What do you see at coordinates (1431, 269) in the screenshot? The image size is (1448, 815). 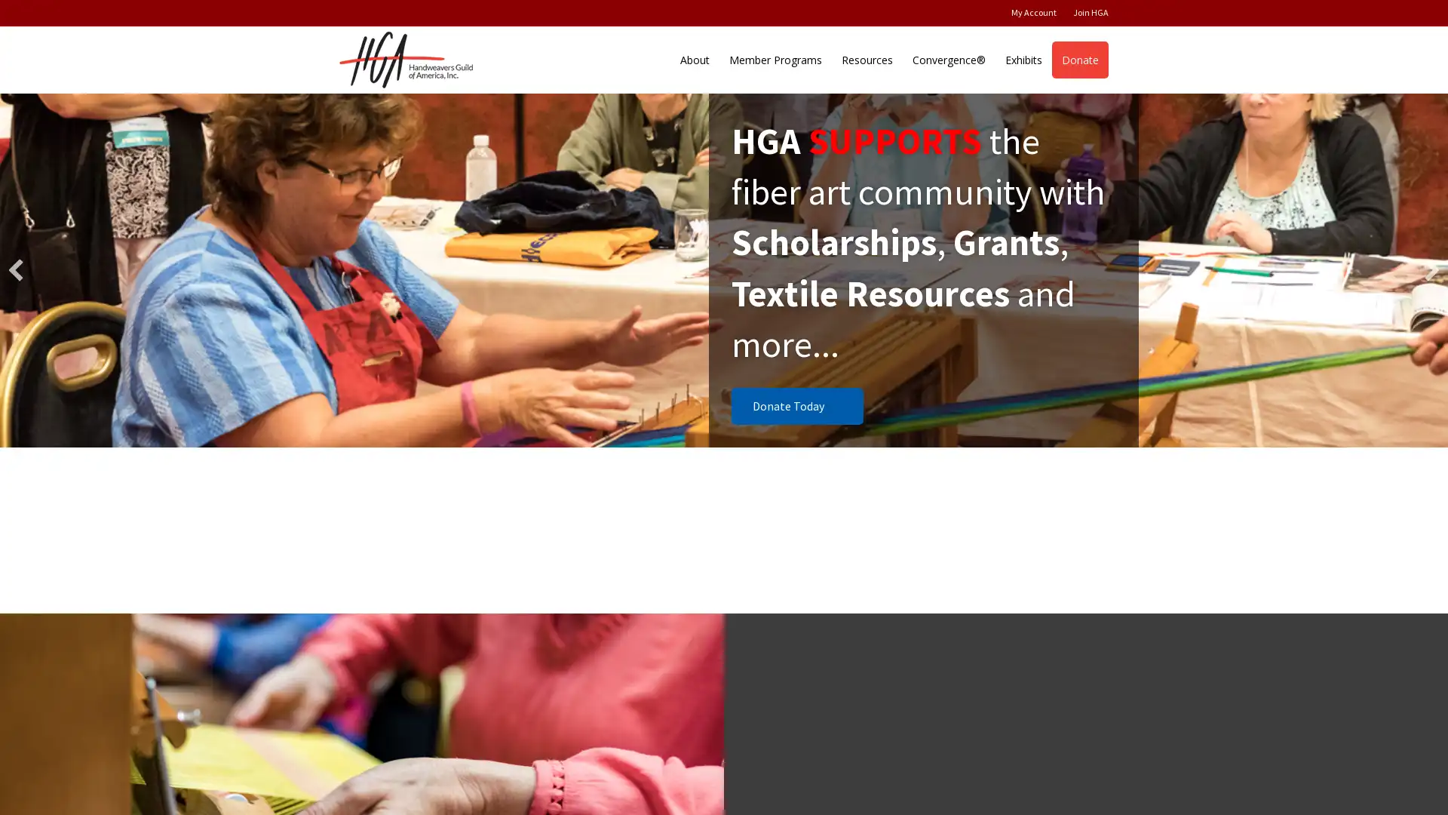 I see `next` at bounding box center [1431, 269].